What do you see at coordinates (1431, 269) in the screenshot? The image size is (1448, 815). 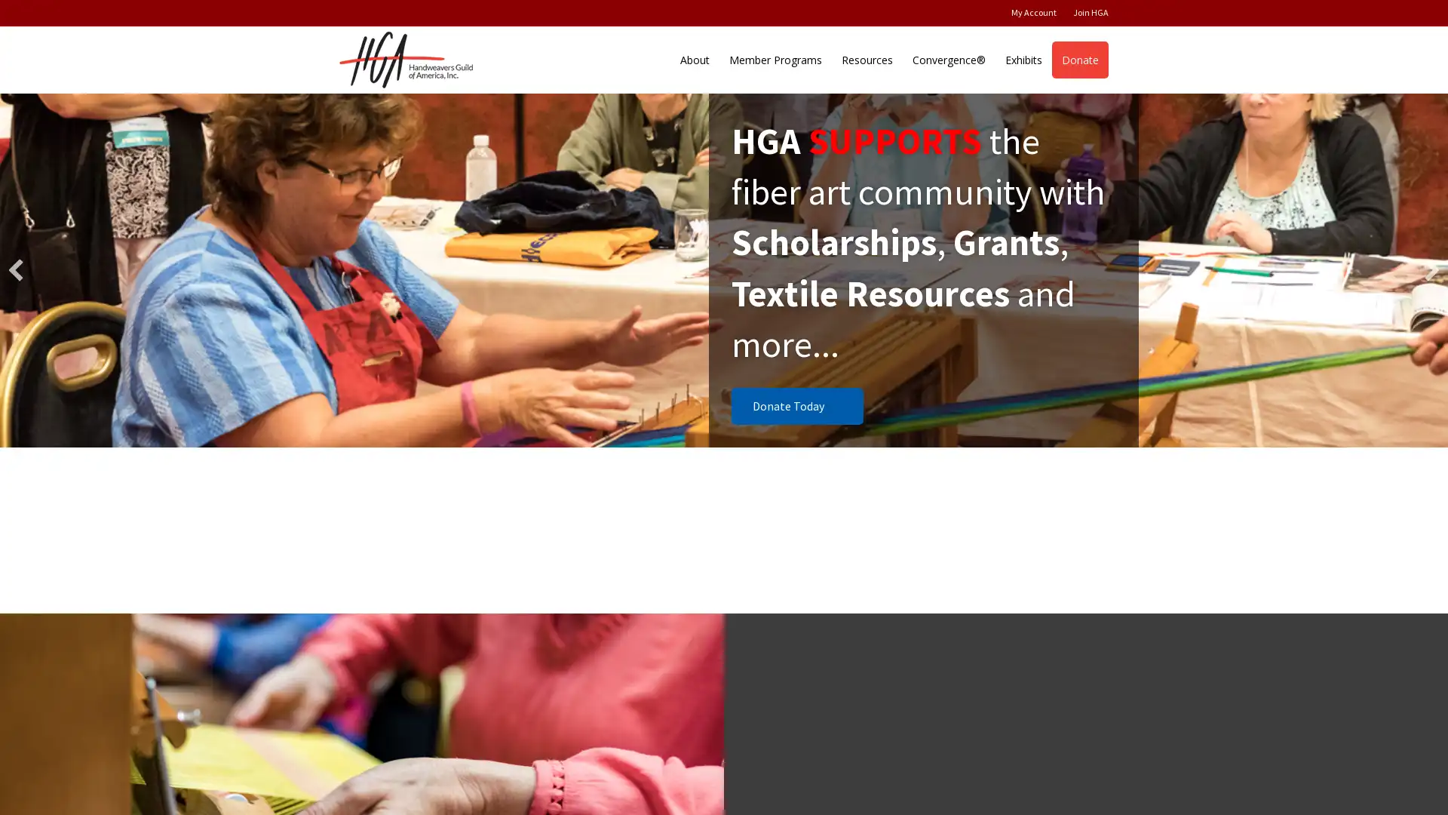 I see `next` at bounding box center [1431, 269].